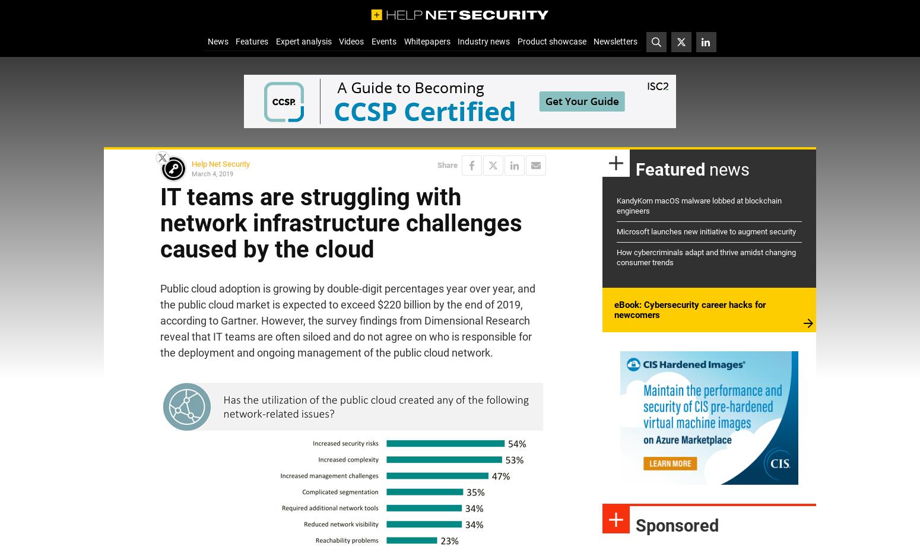 The width and height of the screenshot is (920, 550). Describe the element at coordinates (676, 526) in the screenshot. I see `'Sponsored'` at that location.